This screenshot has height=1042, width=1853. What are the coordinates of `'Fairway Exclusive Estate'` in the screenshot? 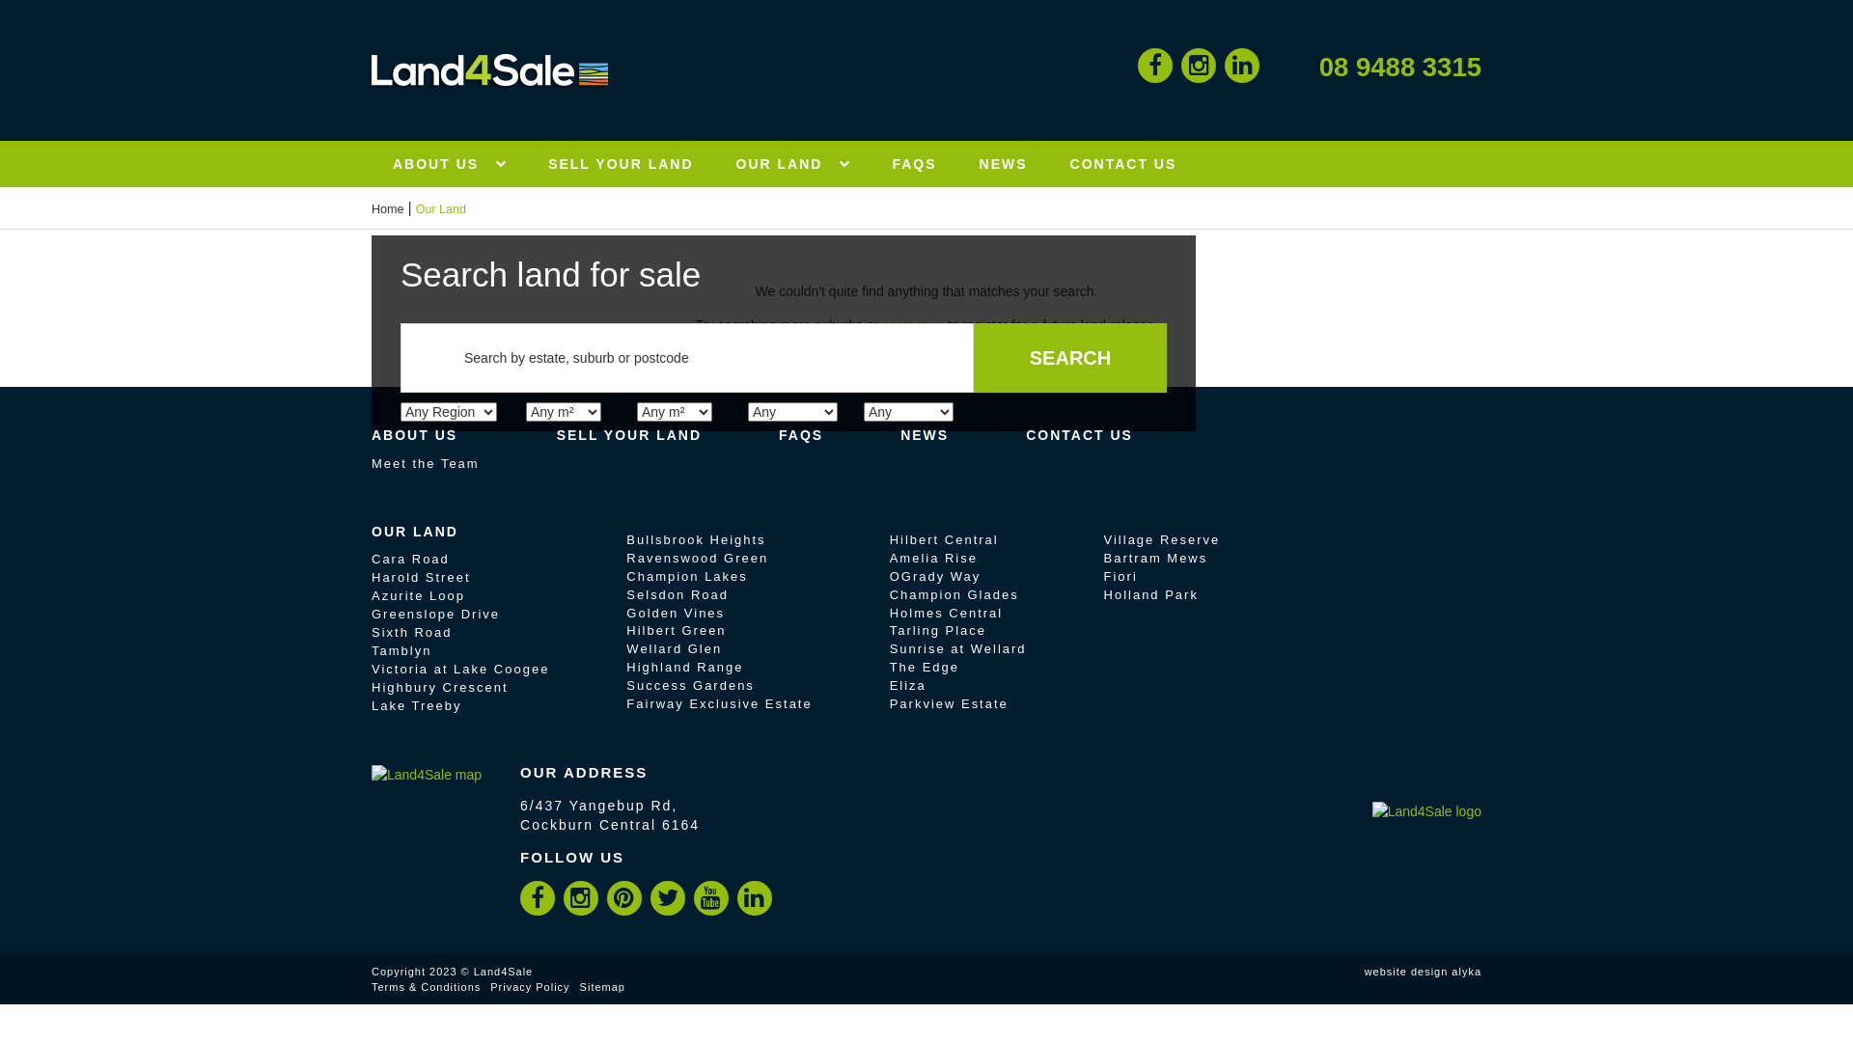 It's located at (625, 703).